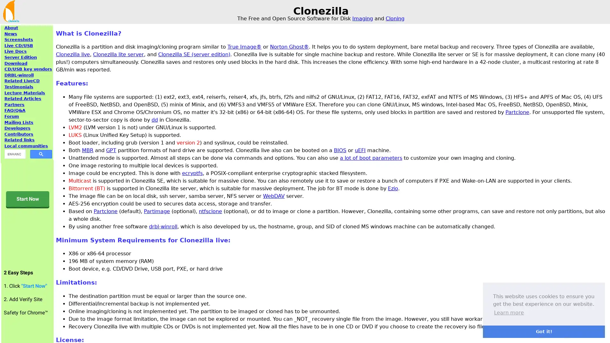 The width and height of the screenshot is (610, 343). Describe the element at coordinates (509, 312) in the screenshot. I see `learn more about cookies` at that location.